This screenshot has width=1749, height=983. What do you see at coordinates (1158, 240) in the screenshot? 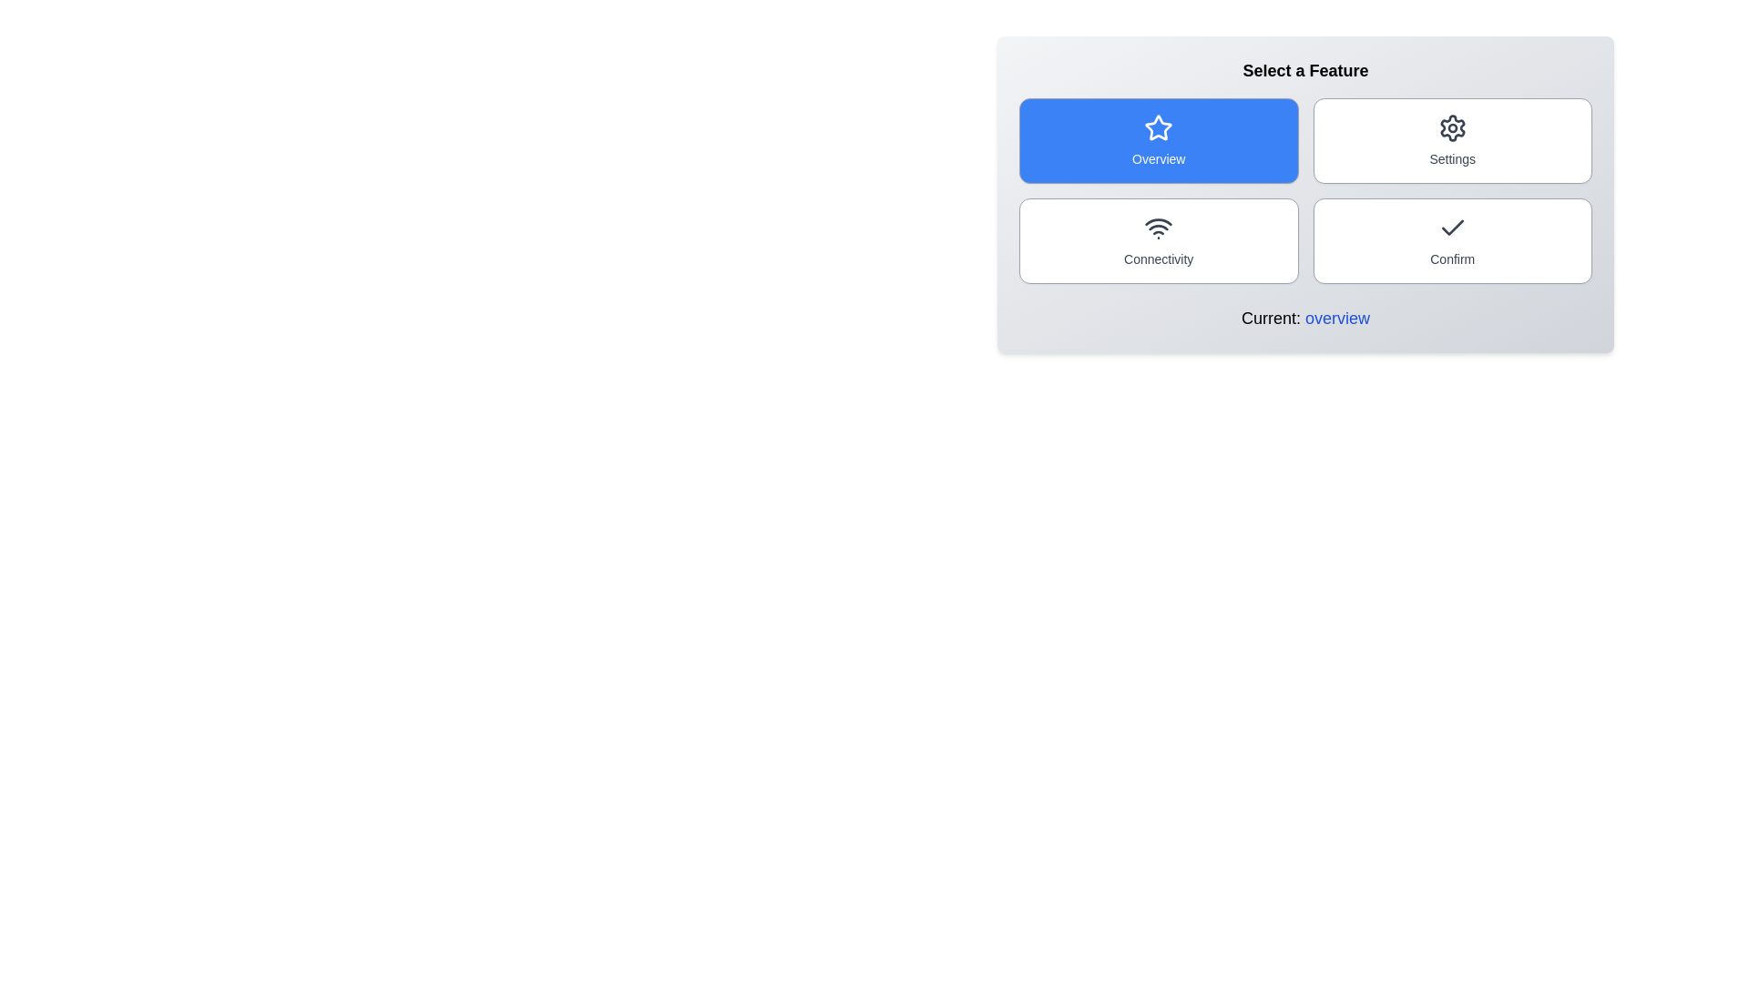
I see `the button corresponding to the feature connectivity` at bounding box center [1158, 240].